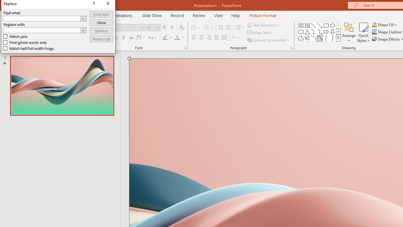 The height and width of the screenshot is (227, 403). Describe the element at coordinates (338, 38) in the screenshot. I see `'Shapes'` at that location.